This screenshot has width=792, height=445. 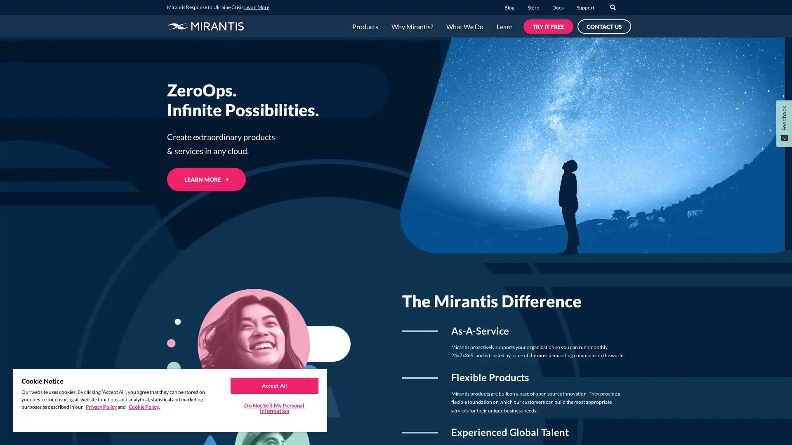 What do you see at coordinates (504, 26) in the screenshot?
I see `Learn` at bounding box center [504, 26].